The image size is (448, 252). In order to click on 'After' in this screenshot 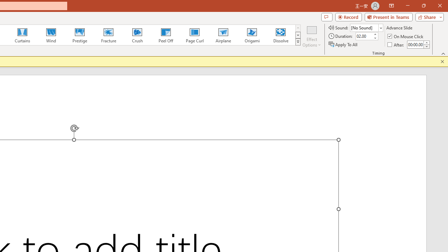, I will do `click(396, 44)`.